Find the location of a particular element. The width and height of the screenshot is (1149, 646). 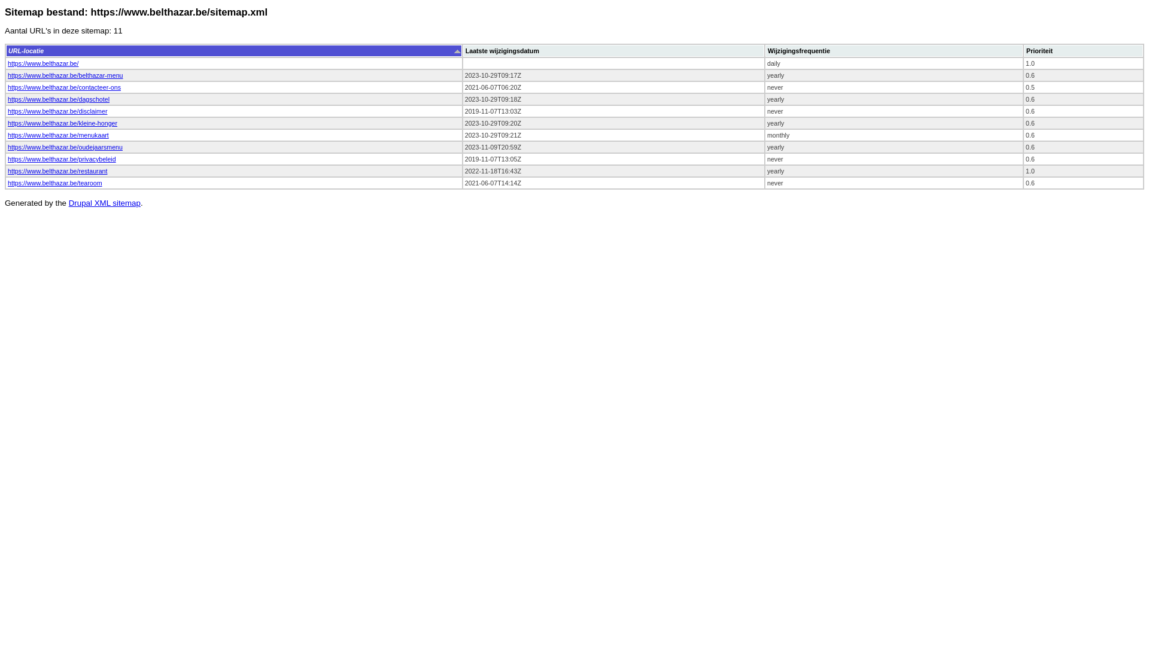

'https://www.belthazar.be/restaurant' is located at coordinates (57, 170).